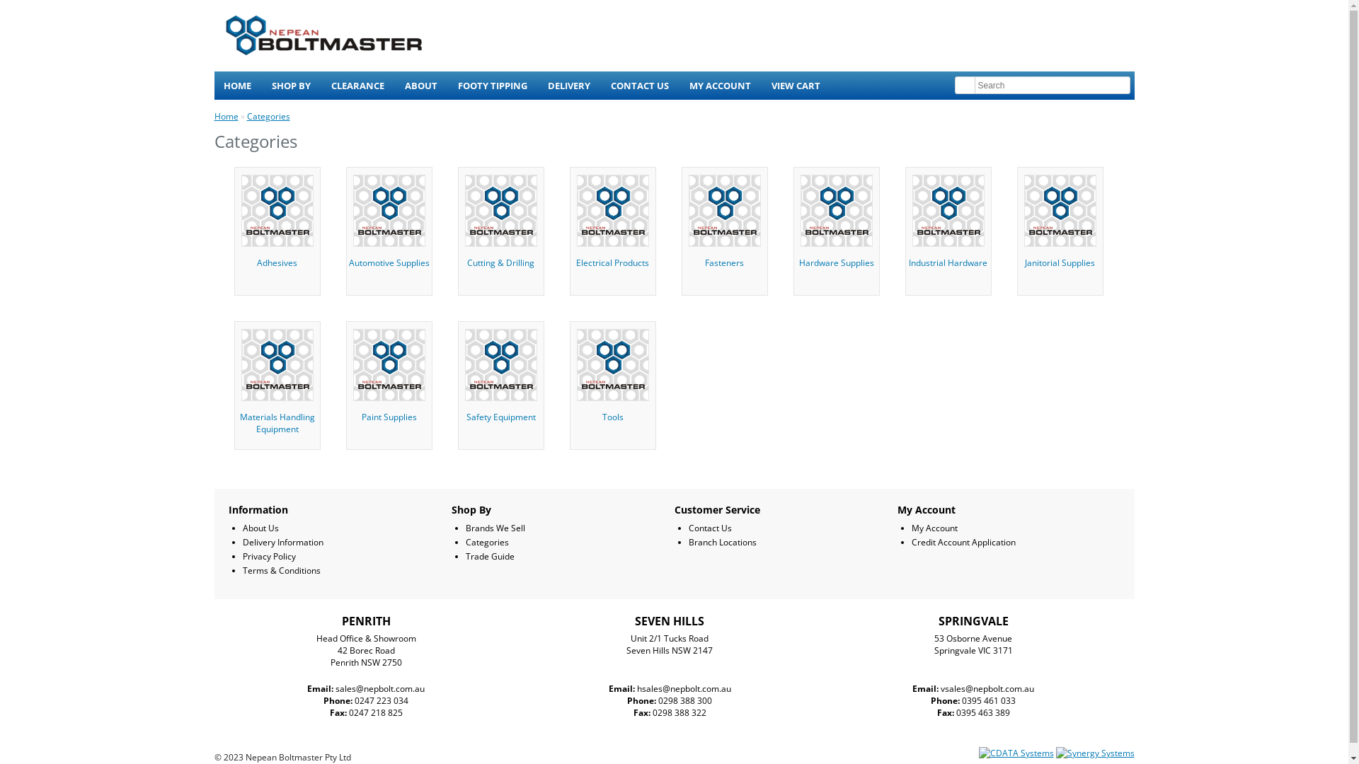  Describe the element at coordinates (638, 85) in the screenshot. I see `'CONTACT US'` at that location.